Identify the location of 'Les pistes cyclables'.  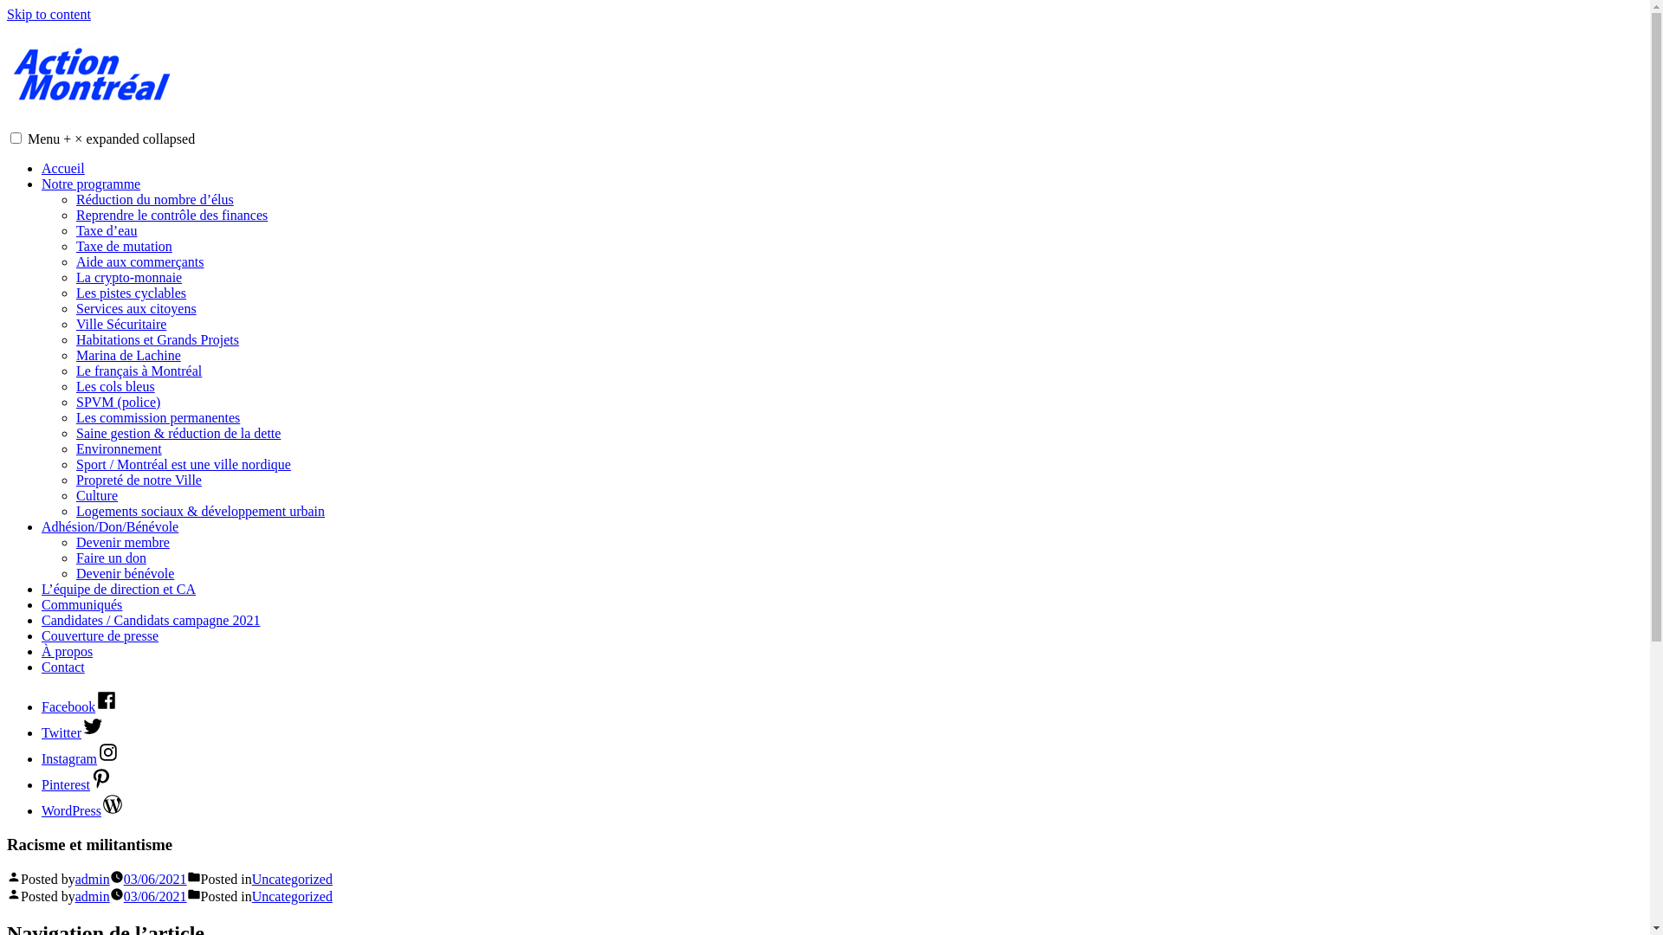
(130, 292).